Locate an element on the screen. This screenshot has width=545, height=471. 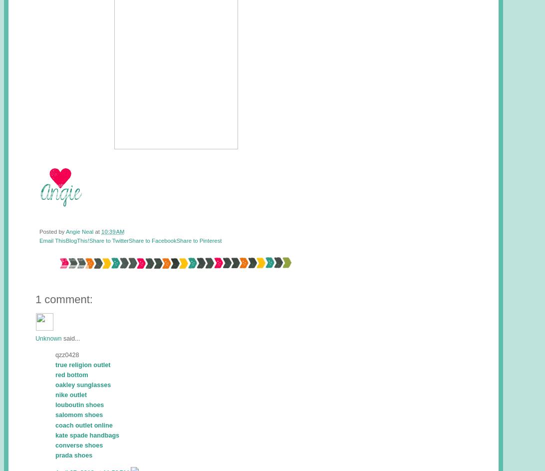
'Email This' is located at coordinates (52, 240).